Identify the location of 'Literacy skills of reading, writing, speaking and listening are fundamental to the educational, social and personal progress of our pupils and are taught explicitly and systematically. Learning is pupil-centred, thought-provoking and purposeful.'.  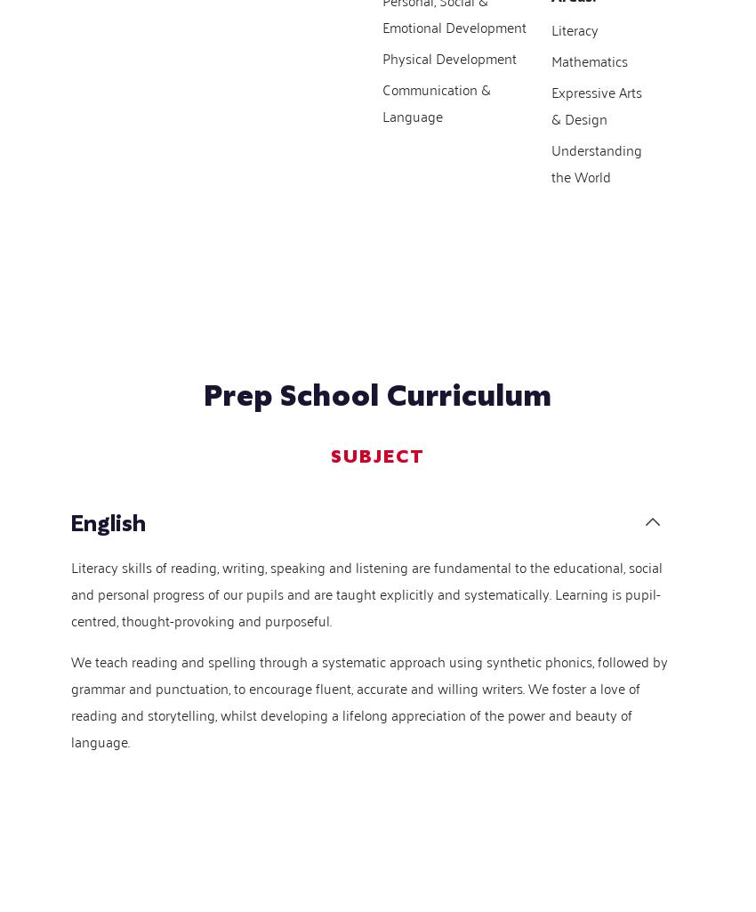
(366, 593).